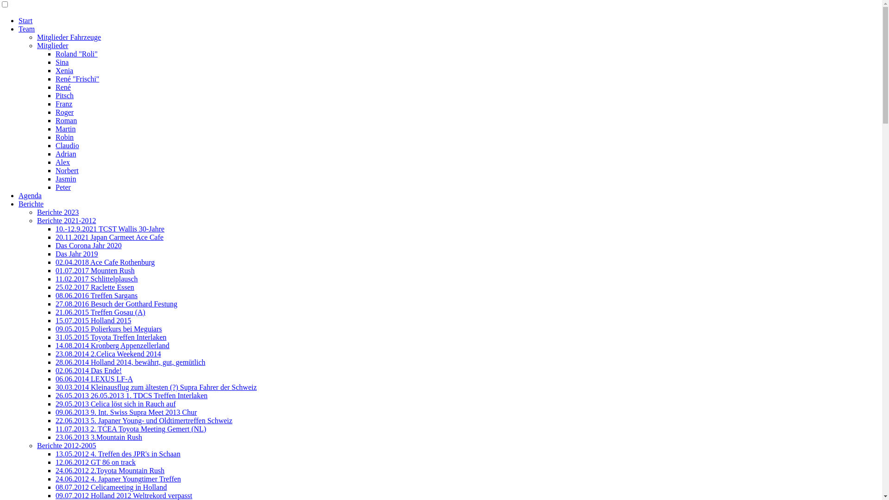 The width and height of the screenshot is (889, 500). Describe the element at coordinates (55, 470) in the screenshot. I see `'24.06.2012 2.Toyota Mountain Rush'` at that location.